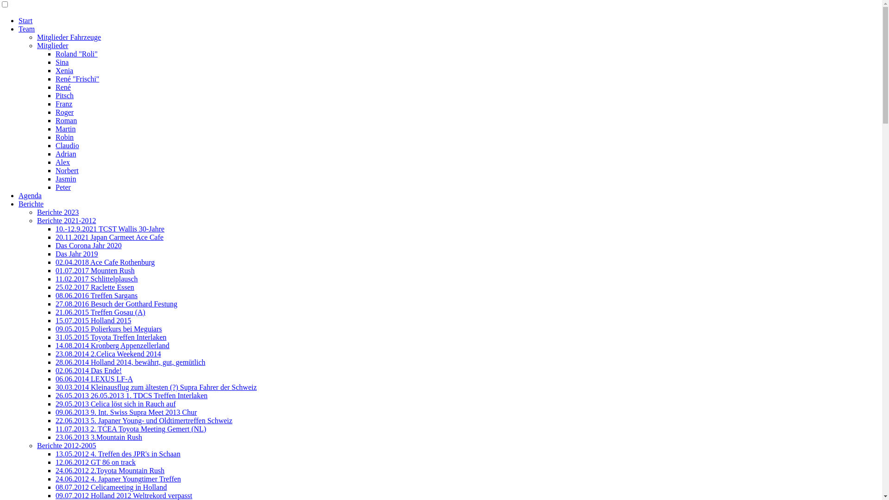 The width and height of the screenshot is (889, 500). Describe the element at coordinates (55, 470) in the screenshot. I see `'24.06.2012 2.Toyota Mountain Rush'` at that location.